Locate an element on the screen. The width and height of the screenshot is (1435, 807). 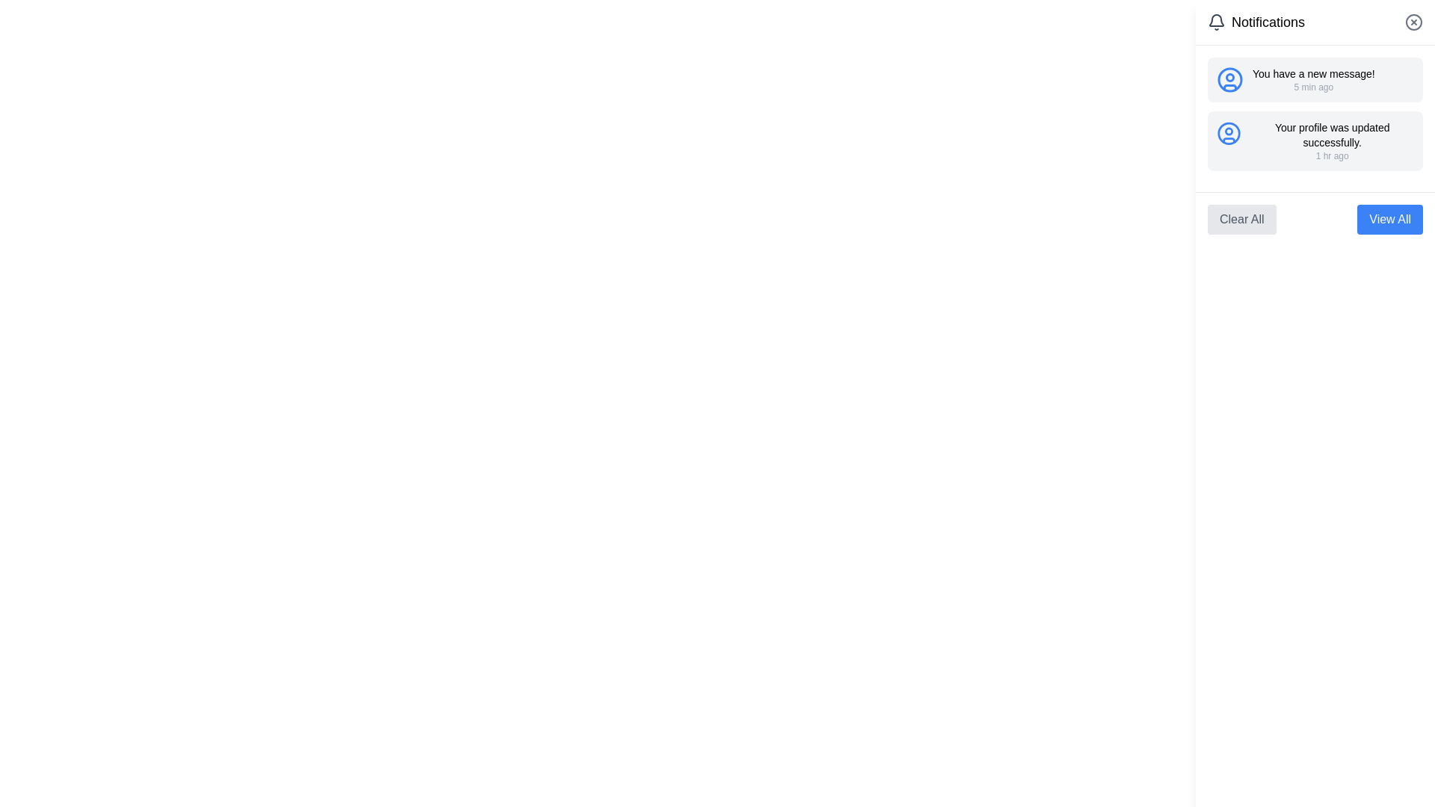
Circle SVG Element that represents the user profile in the top notification using developer tools by clicking on its center is located at coordinates (1230, 80).